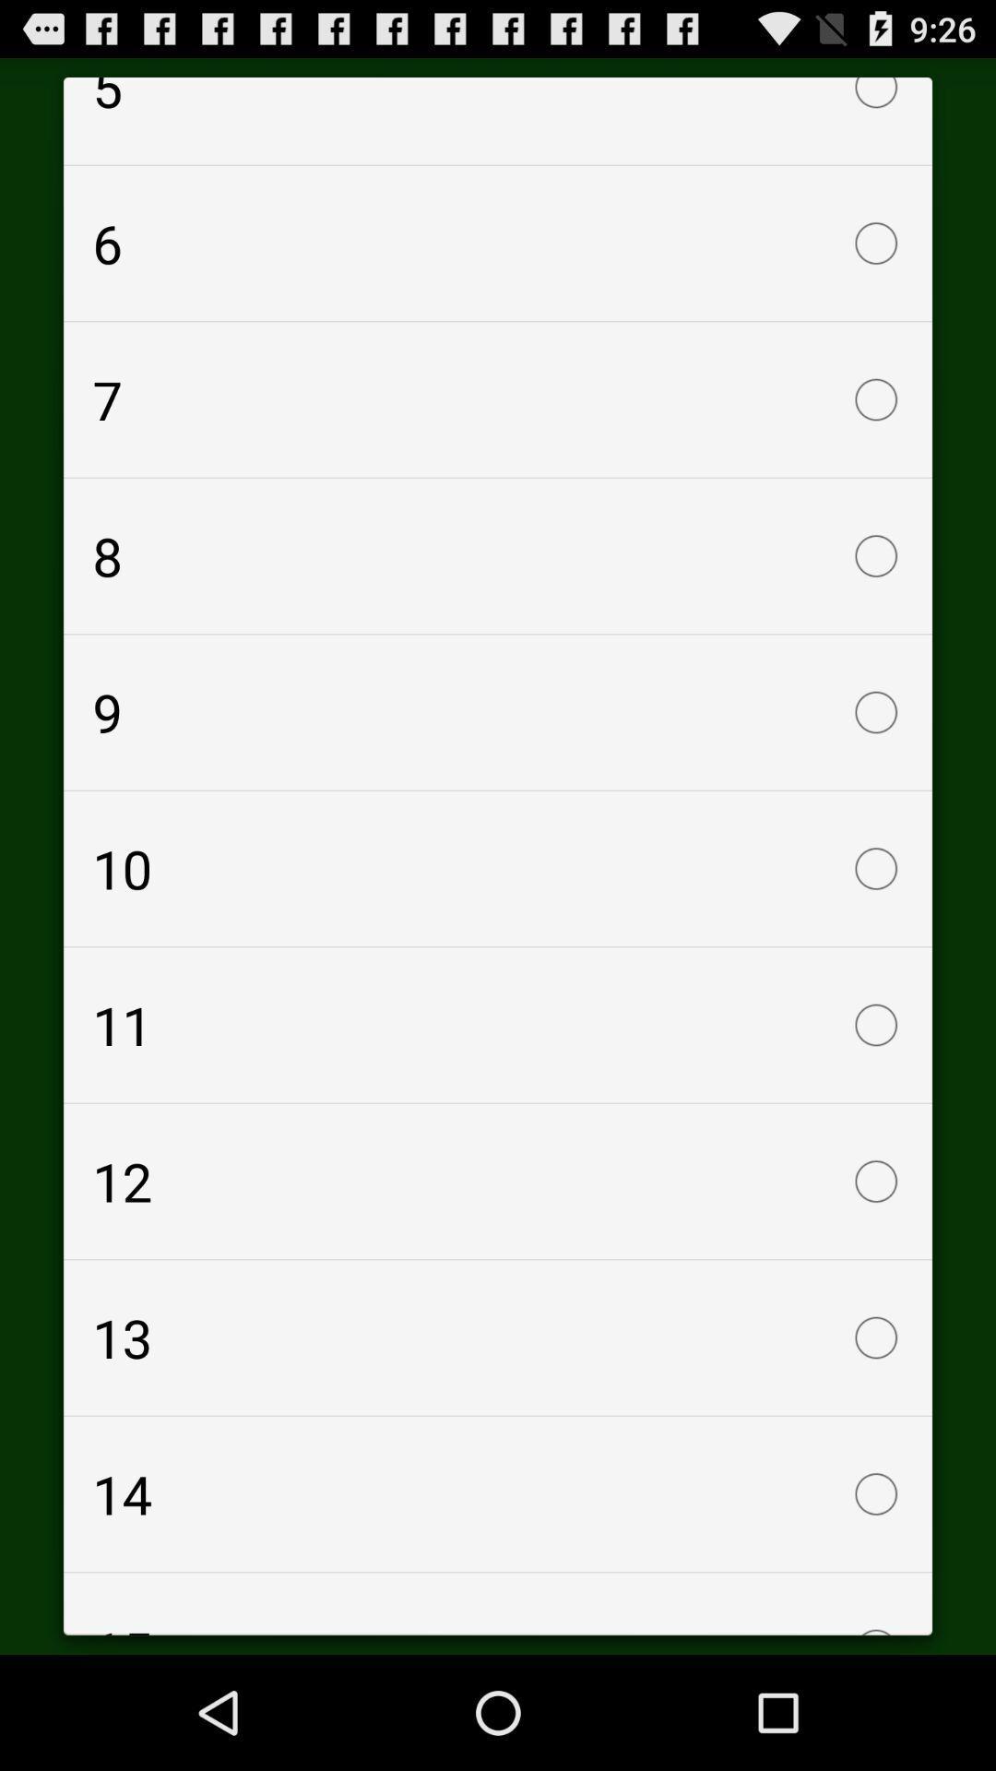  What do you see at coordinates (498, 1494) in the screenshot?
I see `the item below the 13 icon` at bounding box center [498, 1494].